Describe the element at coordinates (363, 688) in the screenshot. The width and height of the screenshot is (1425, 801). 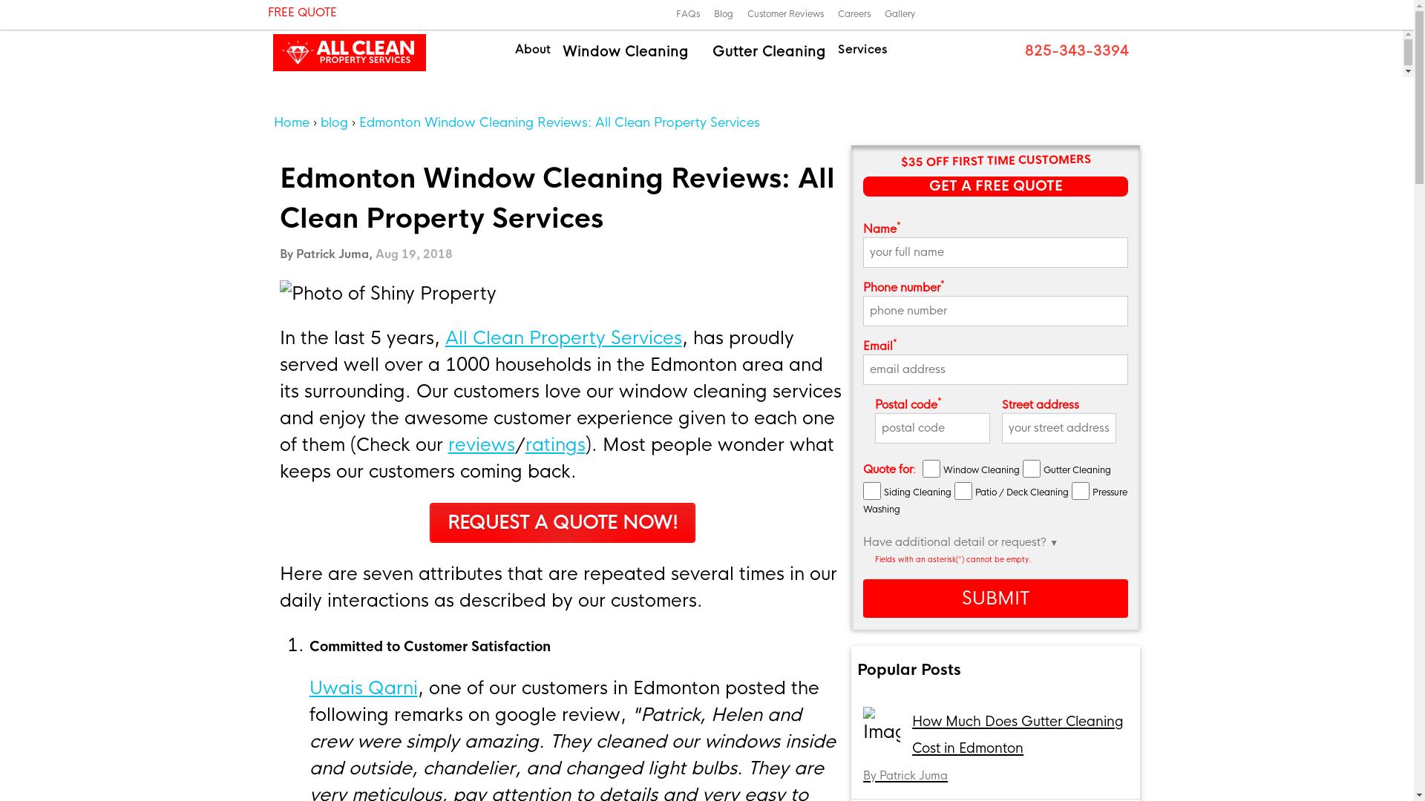
I see `'Uwais Qarni'` at that location.